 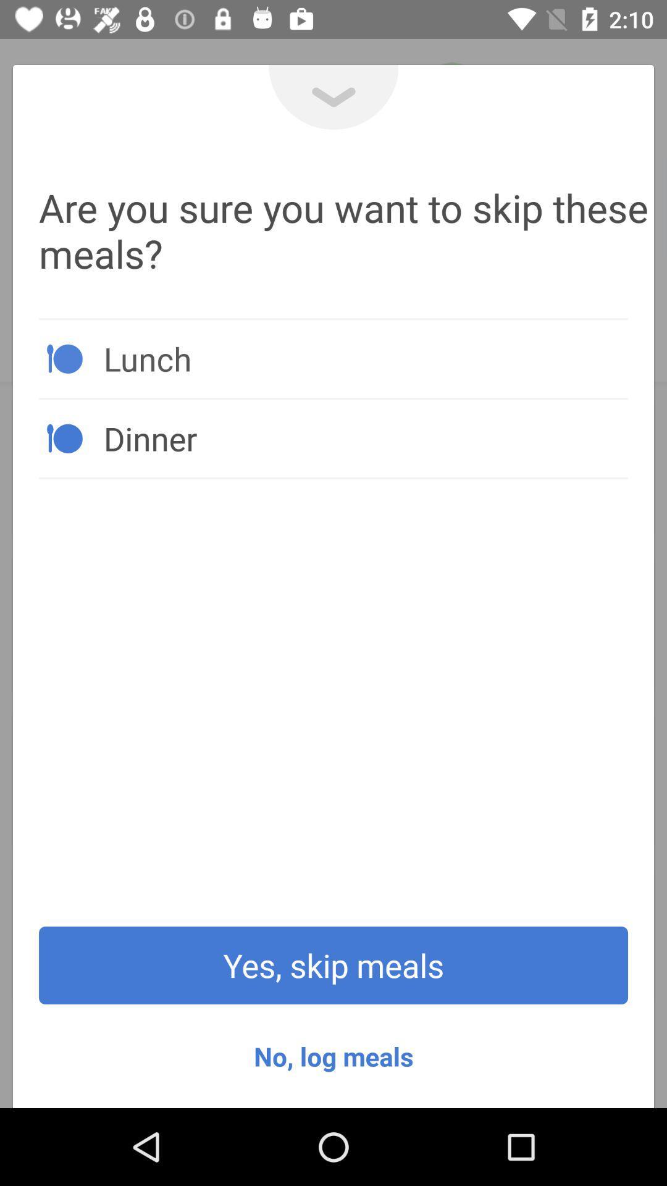 What do you see at coordinates (365, 358) in the screenshot?
I see `icon above the dinner` at bounding box center [365, 358].